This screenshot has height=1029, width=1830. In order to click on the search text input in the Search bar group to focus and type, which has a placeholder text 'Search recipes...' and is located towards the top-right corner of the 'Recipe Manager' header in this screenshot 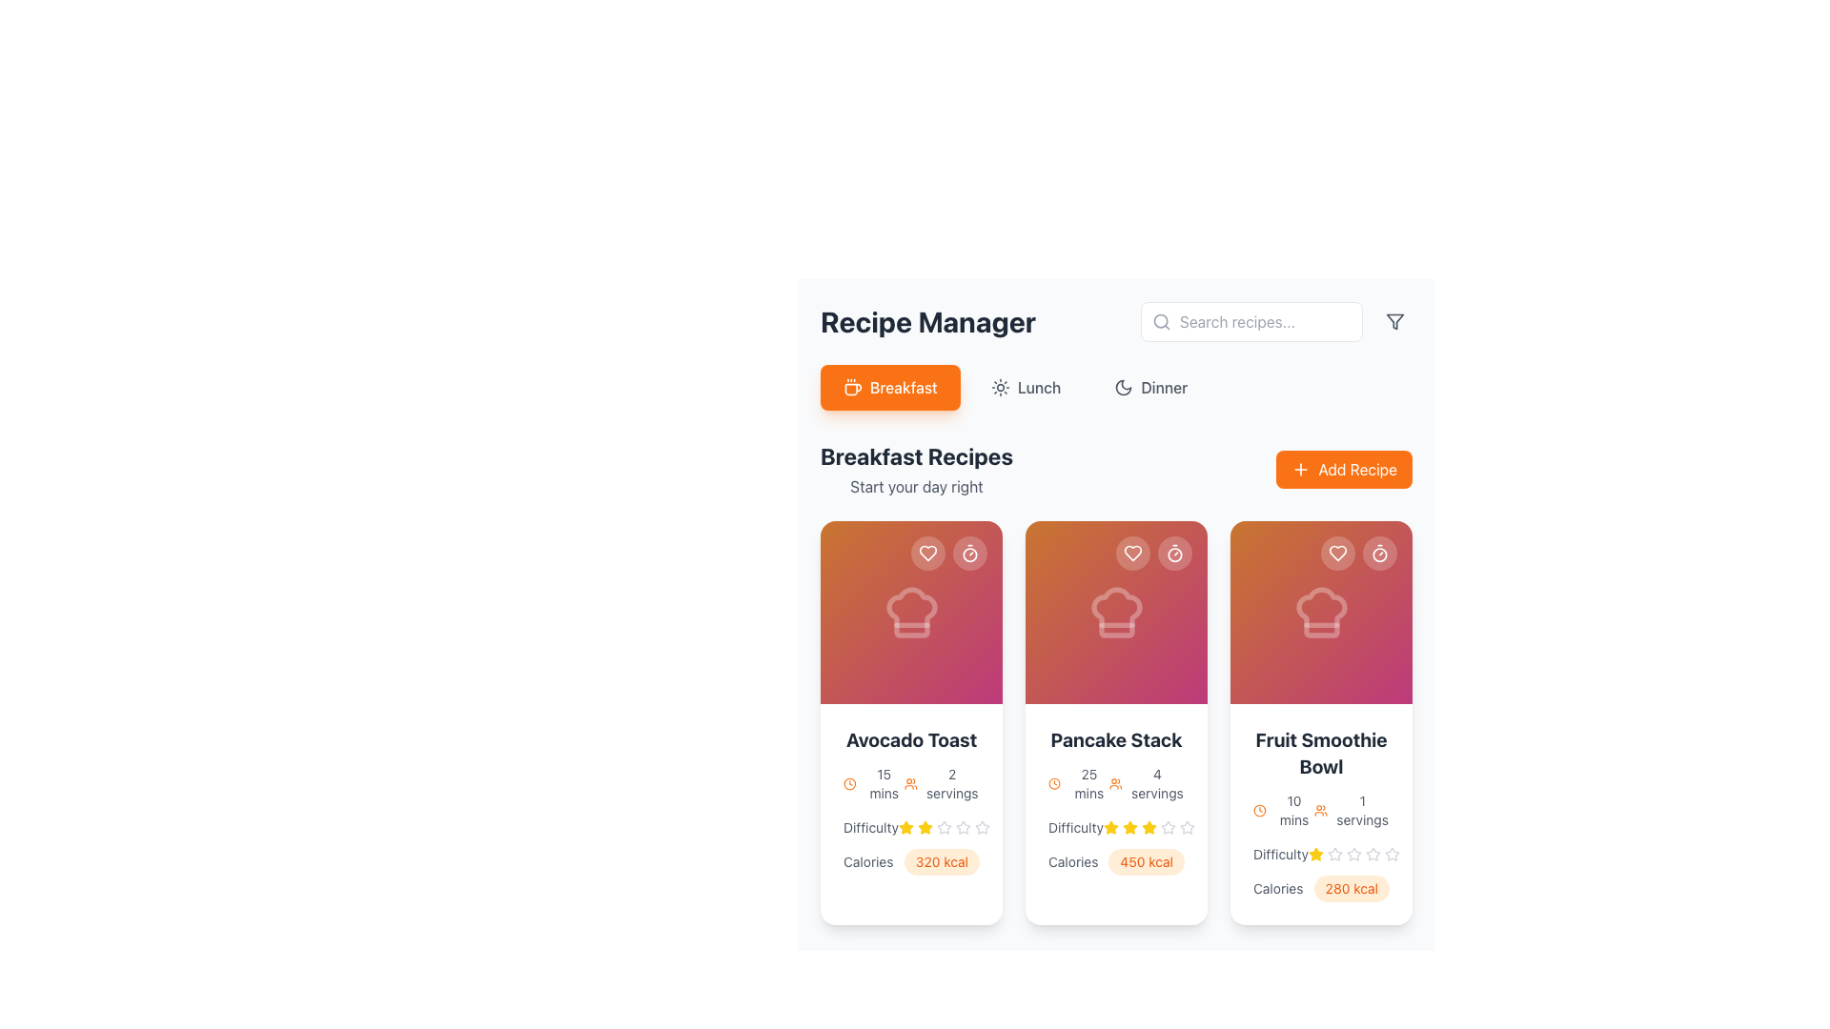, I will do `click(1276, 321)`.